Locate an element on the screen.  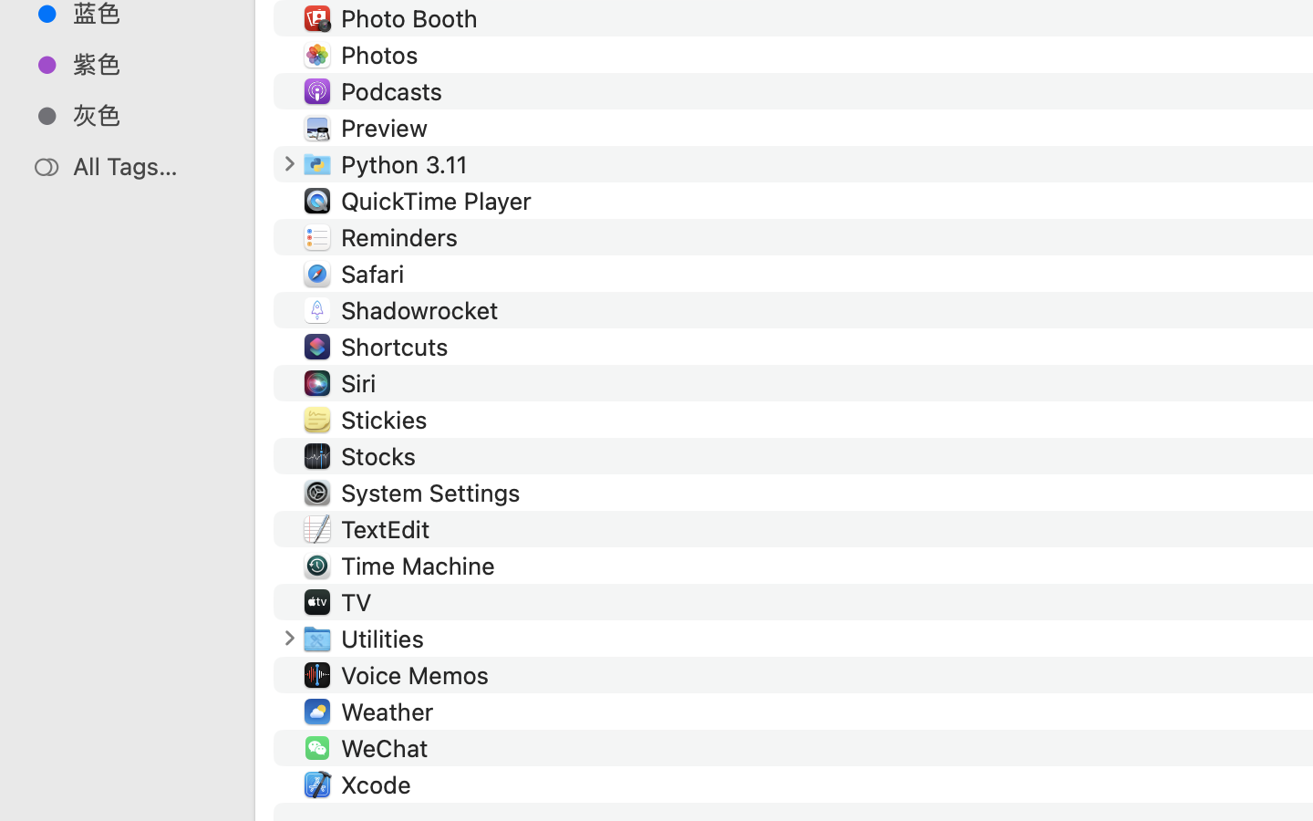
'TV' is located at coordinates (358, 601).